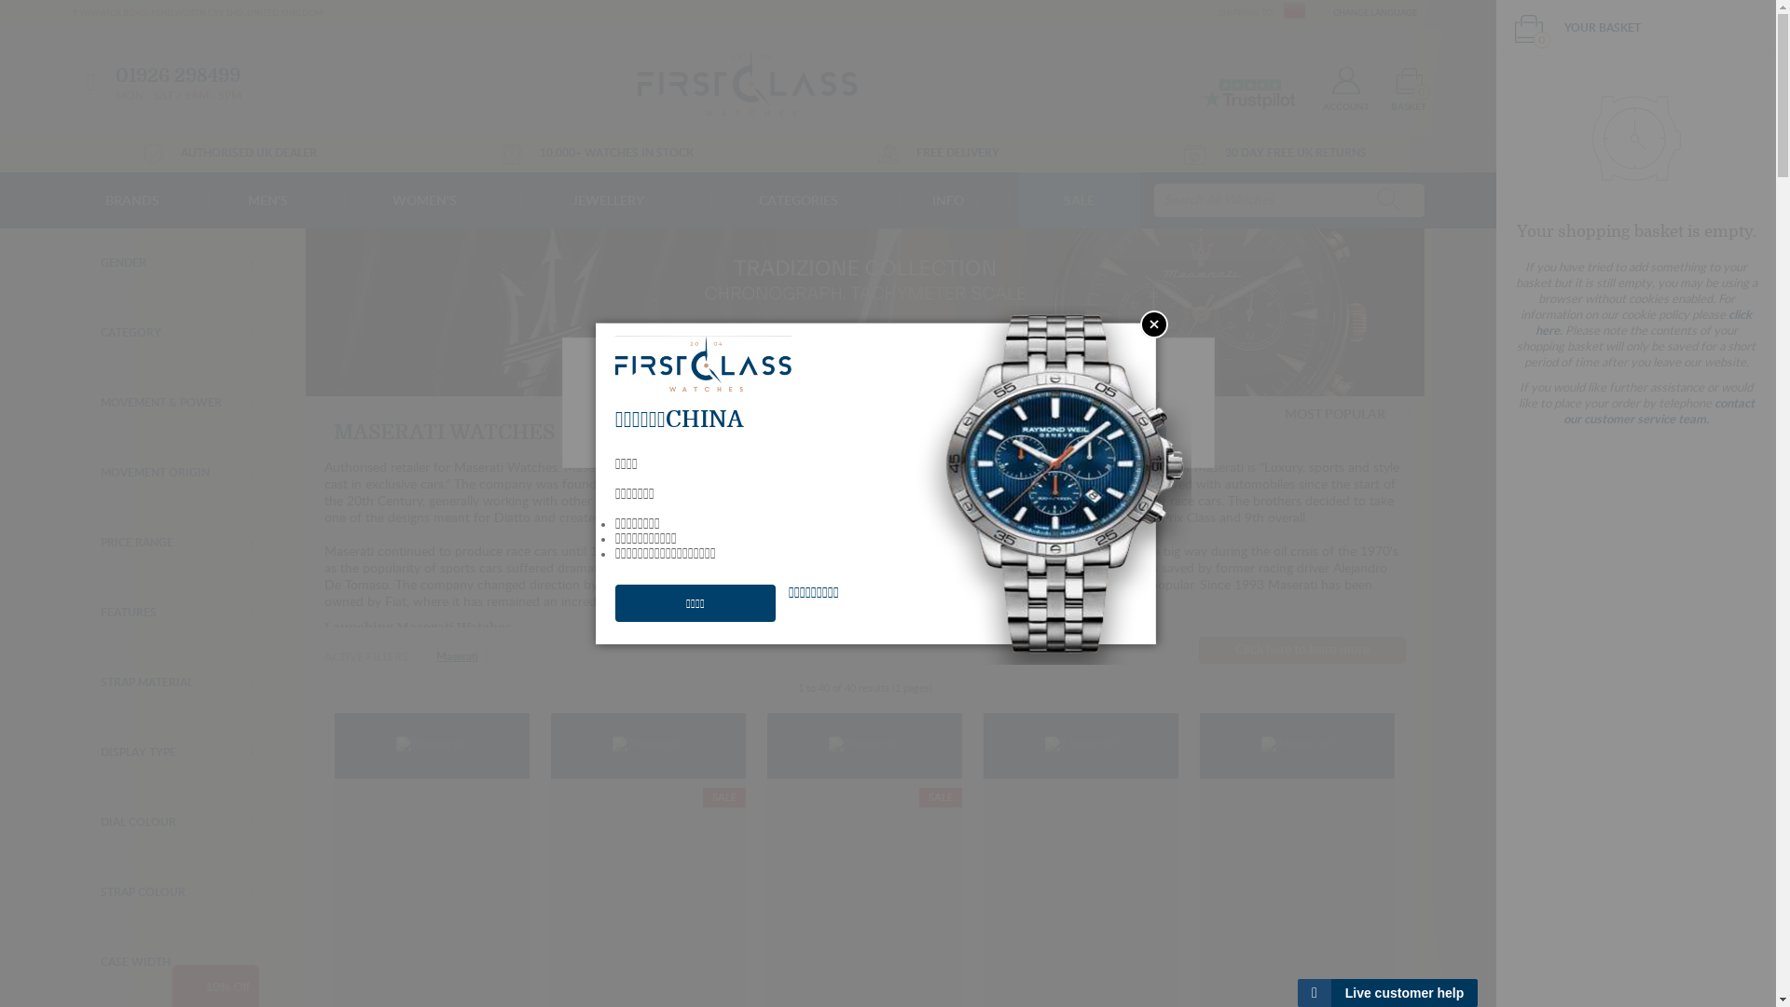  I want to click on 'Maserati', so click(461, 655).